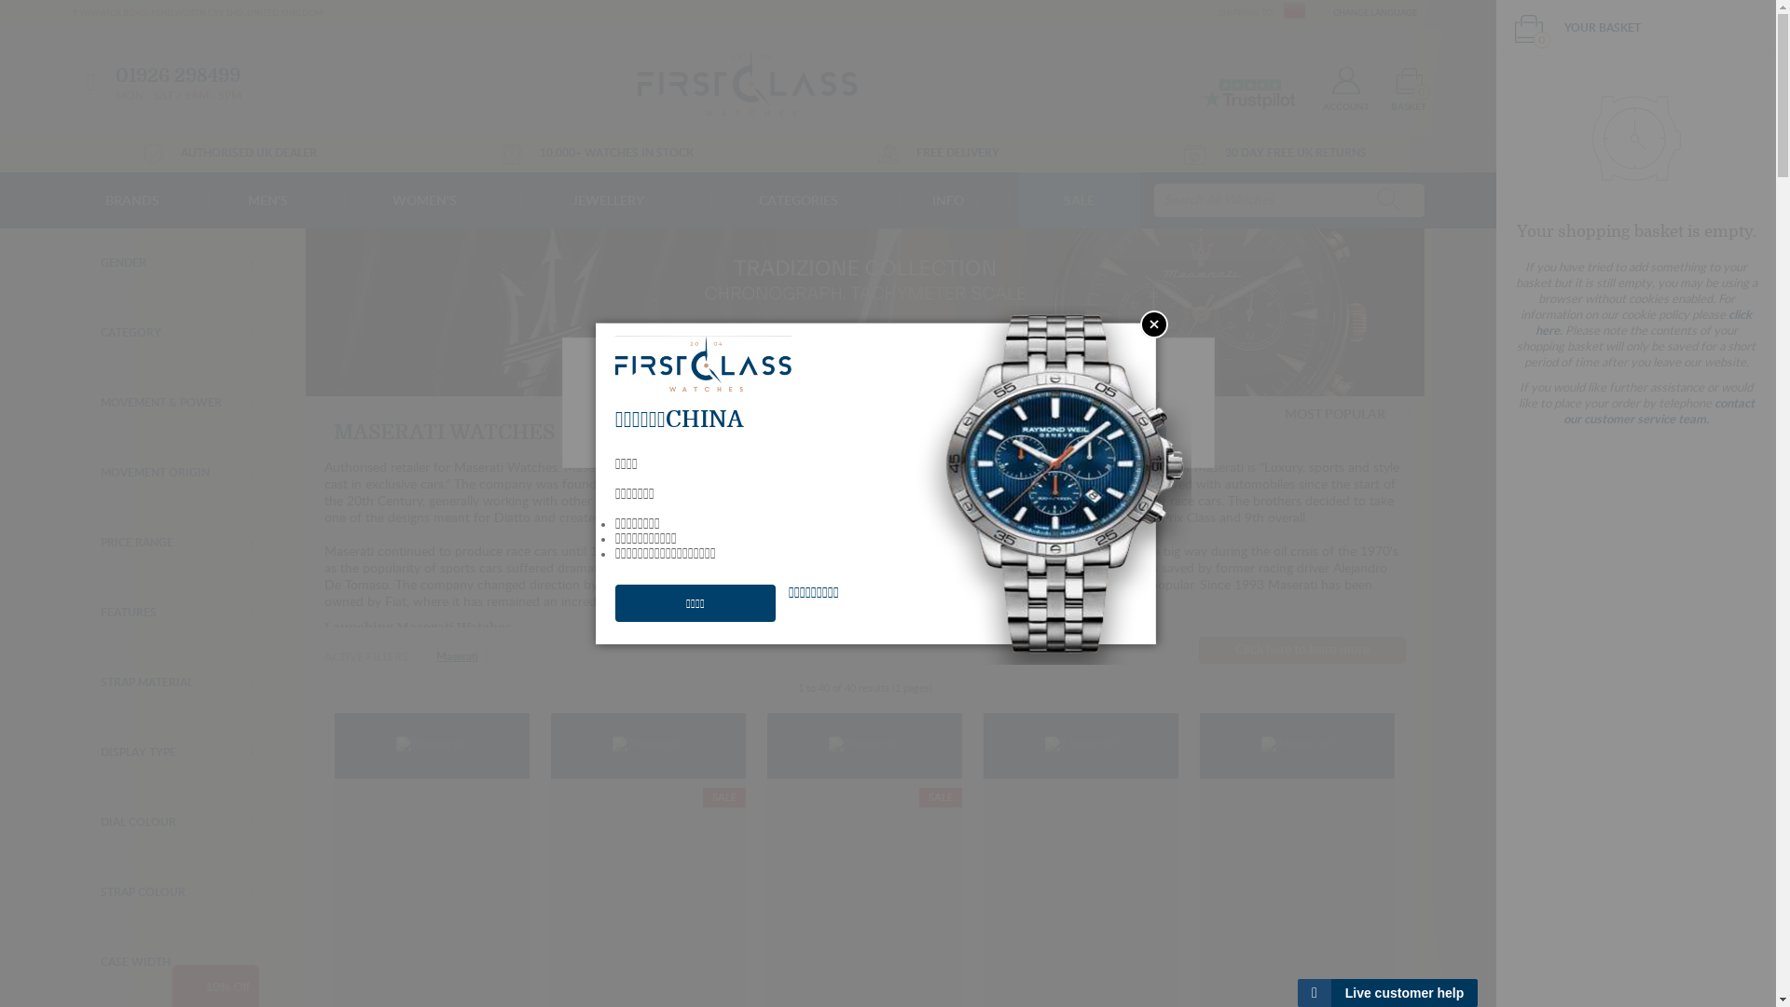  I want to click on 'Maserati', so click(461, 655).